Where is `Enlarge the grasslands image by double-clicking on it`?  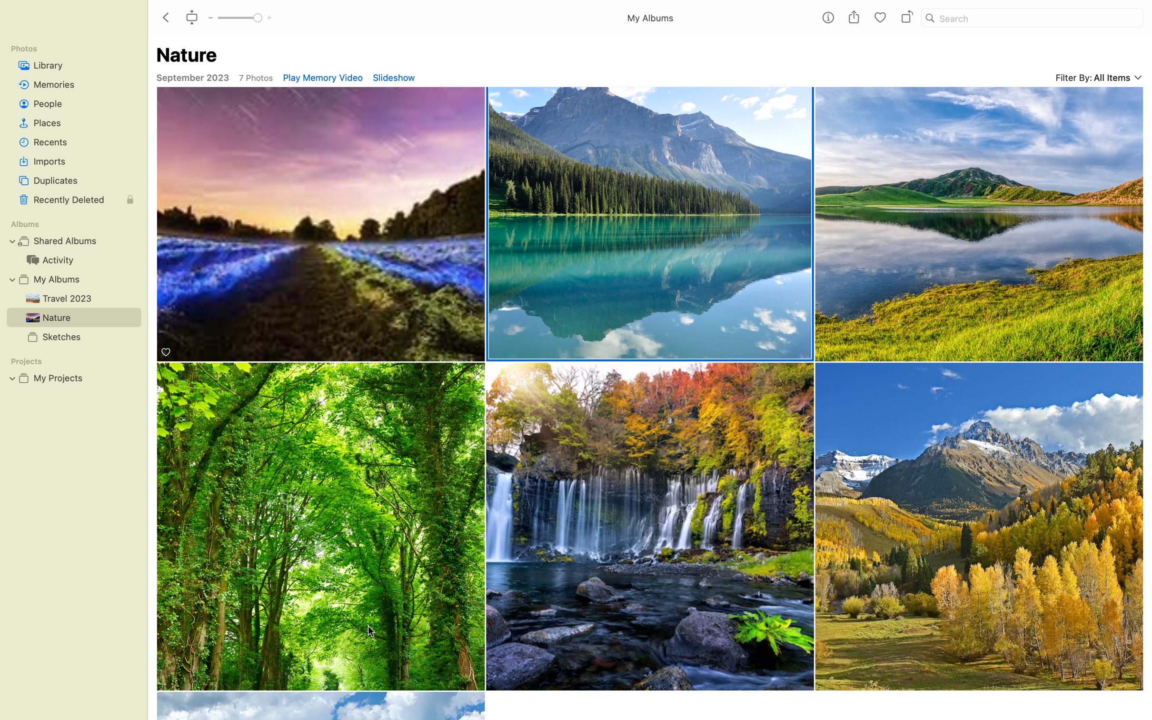 Enlarge the grasslands image by double-clicking on it is located at coordinates (980, 526).